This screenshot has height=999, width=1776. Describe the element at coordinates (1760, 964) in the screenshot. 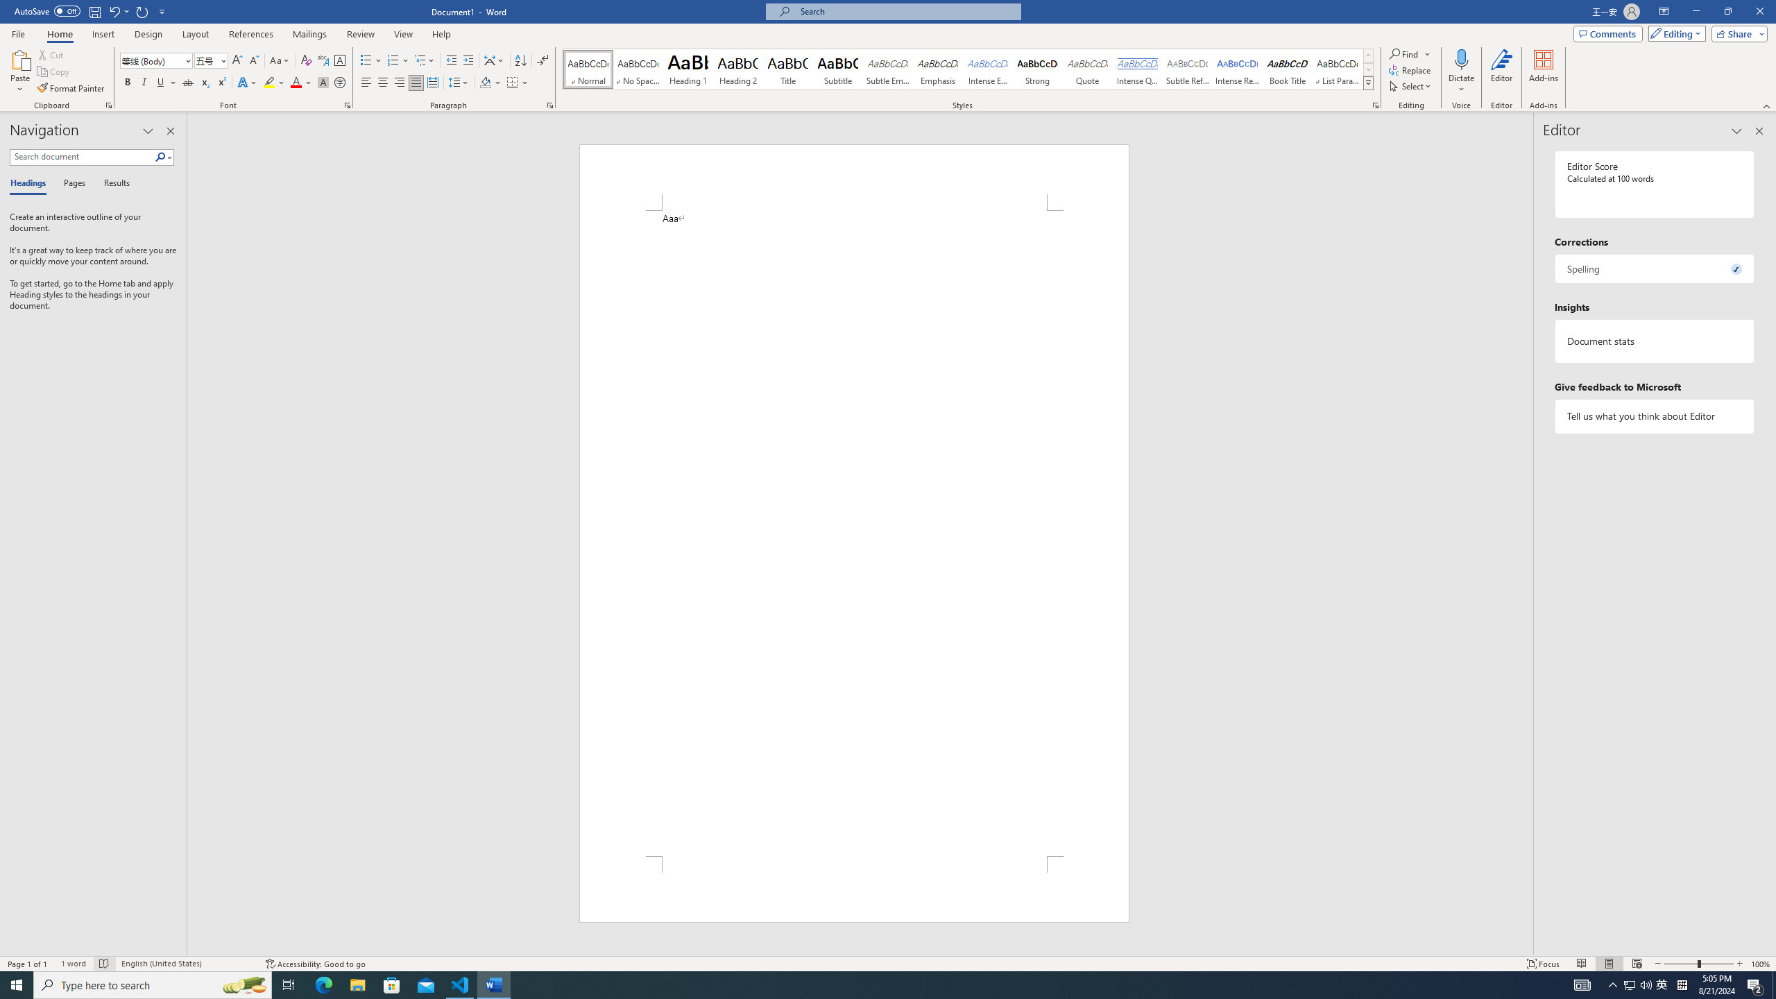

I see `'Zoom 100%'` at that location.